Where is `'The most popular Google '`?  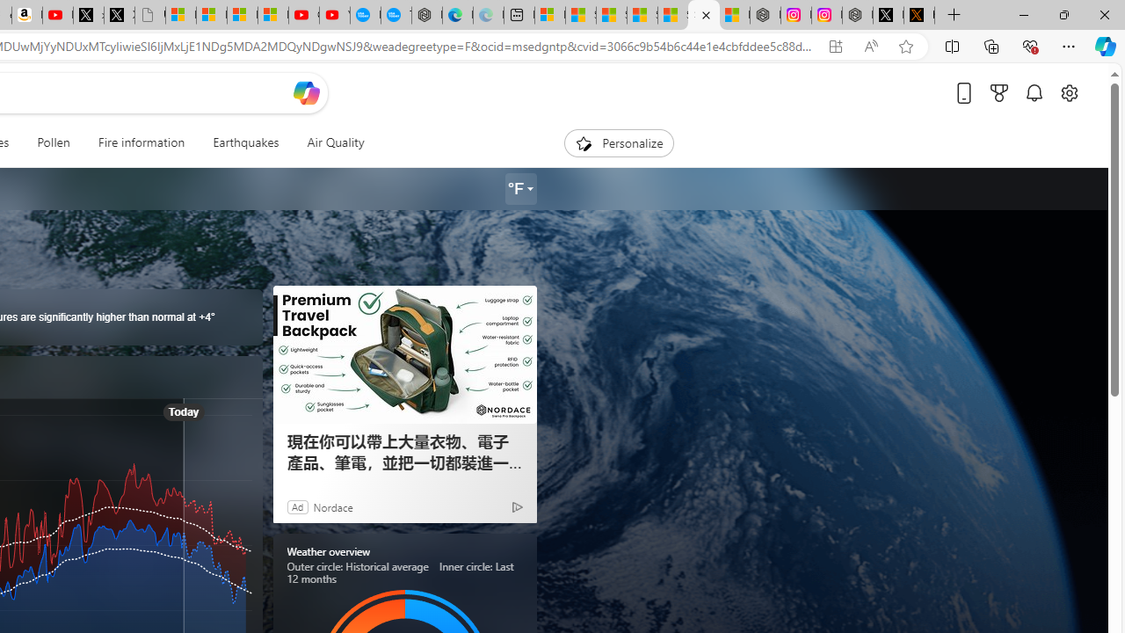 'The most popular Google ' is located at coordinates (396, 15).